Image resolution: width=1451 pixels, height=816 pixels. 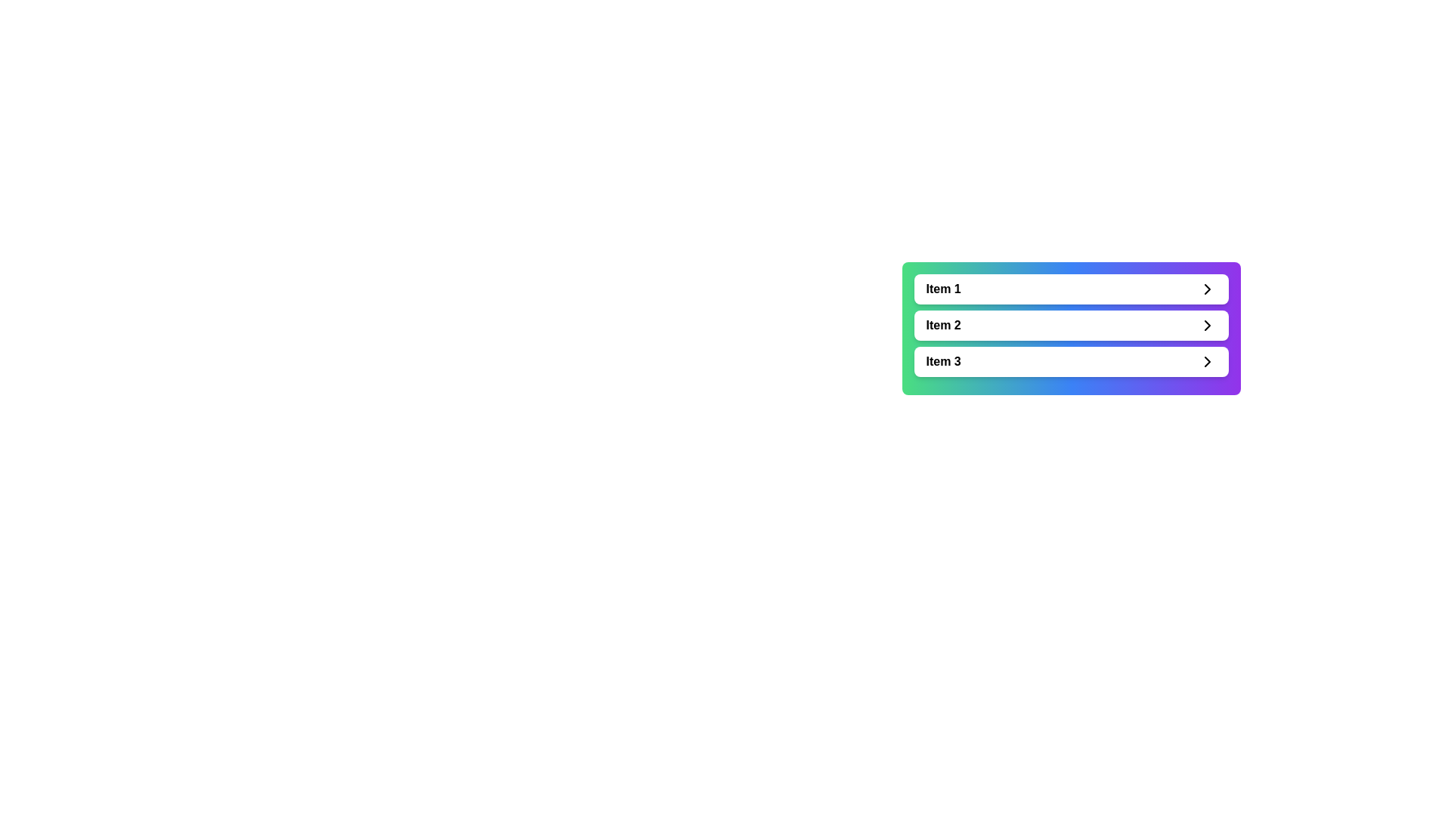 I want to click on the chevron icon located in the 'Item 2' section, adjacent to the item's text in the middle row of the list, so click(x=1206, y=325).